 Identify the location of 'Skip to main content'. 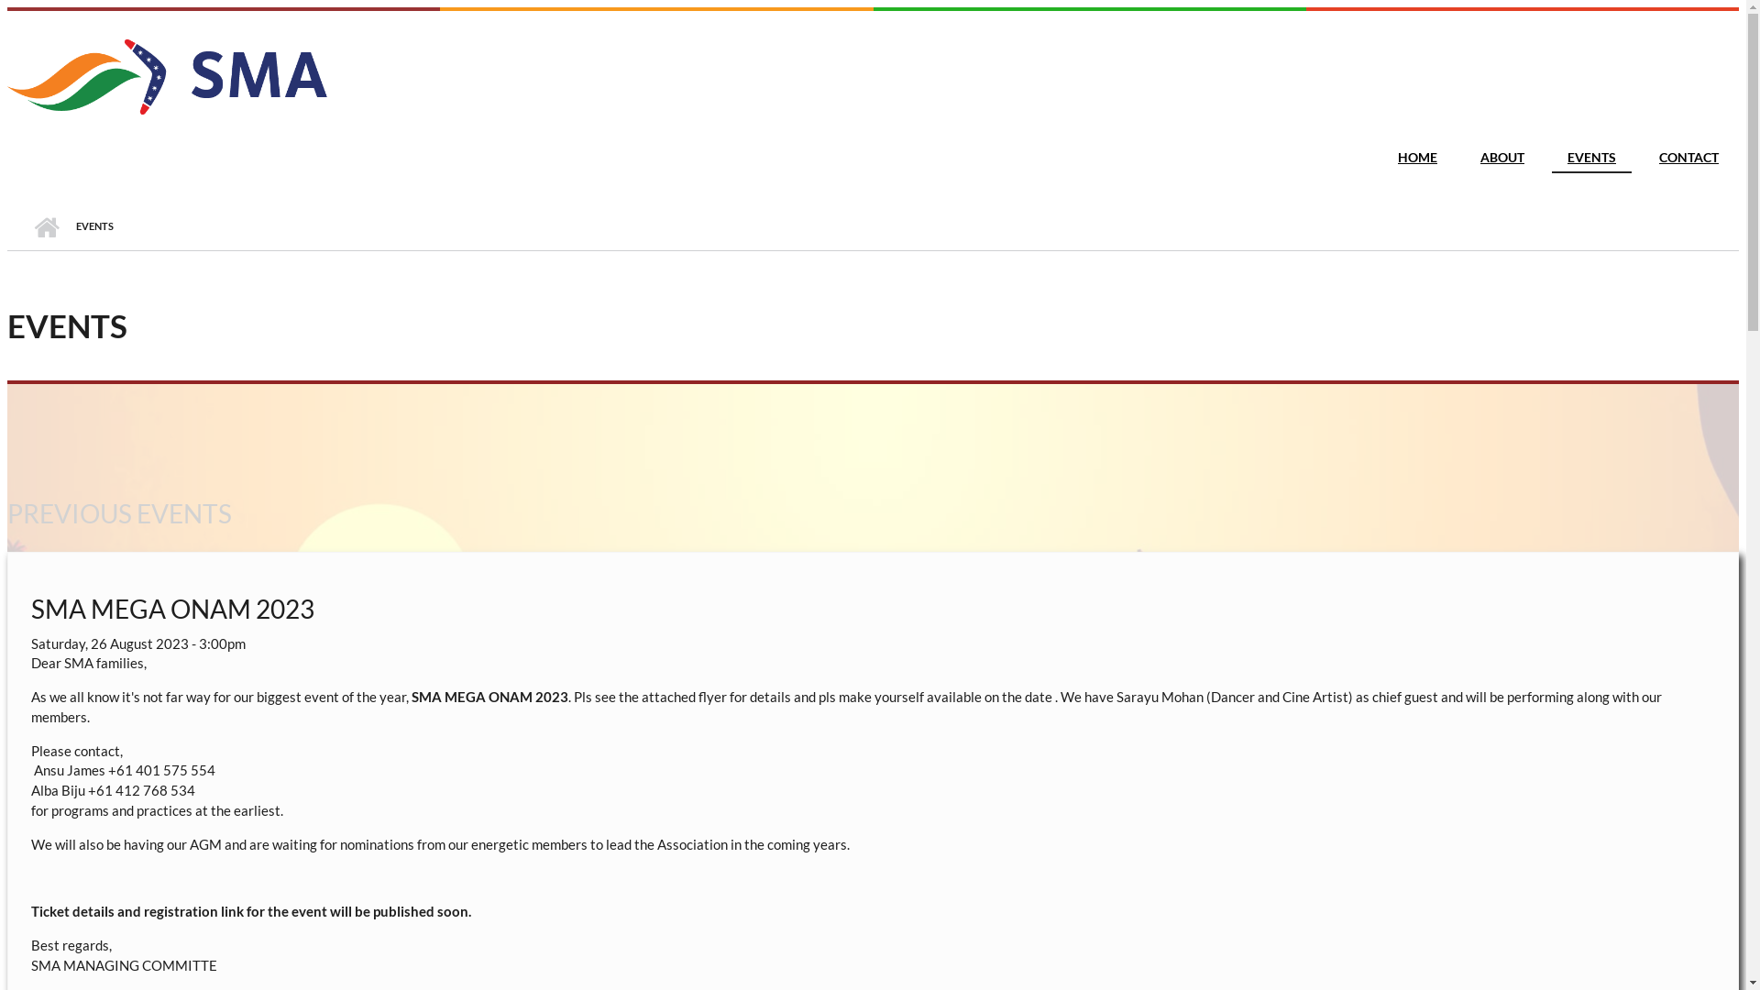
(69, 7).